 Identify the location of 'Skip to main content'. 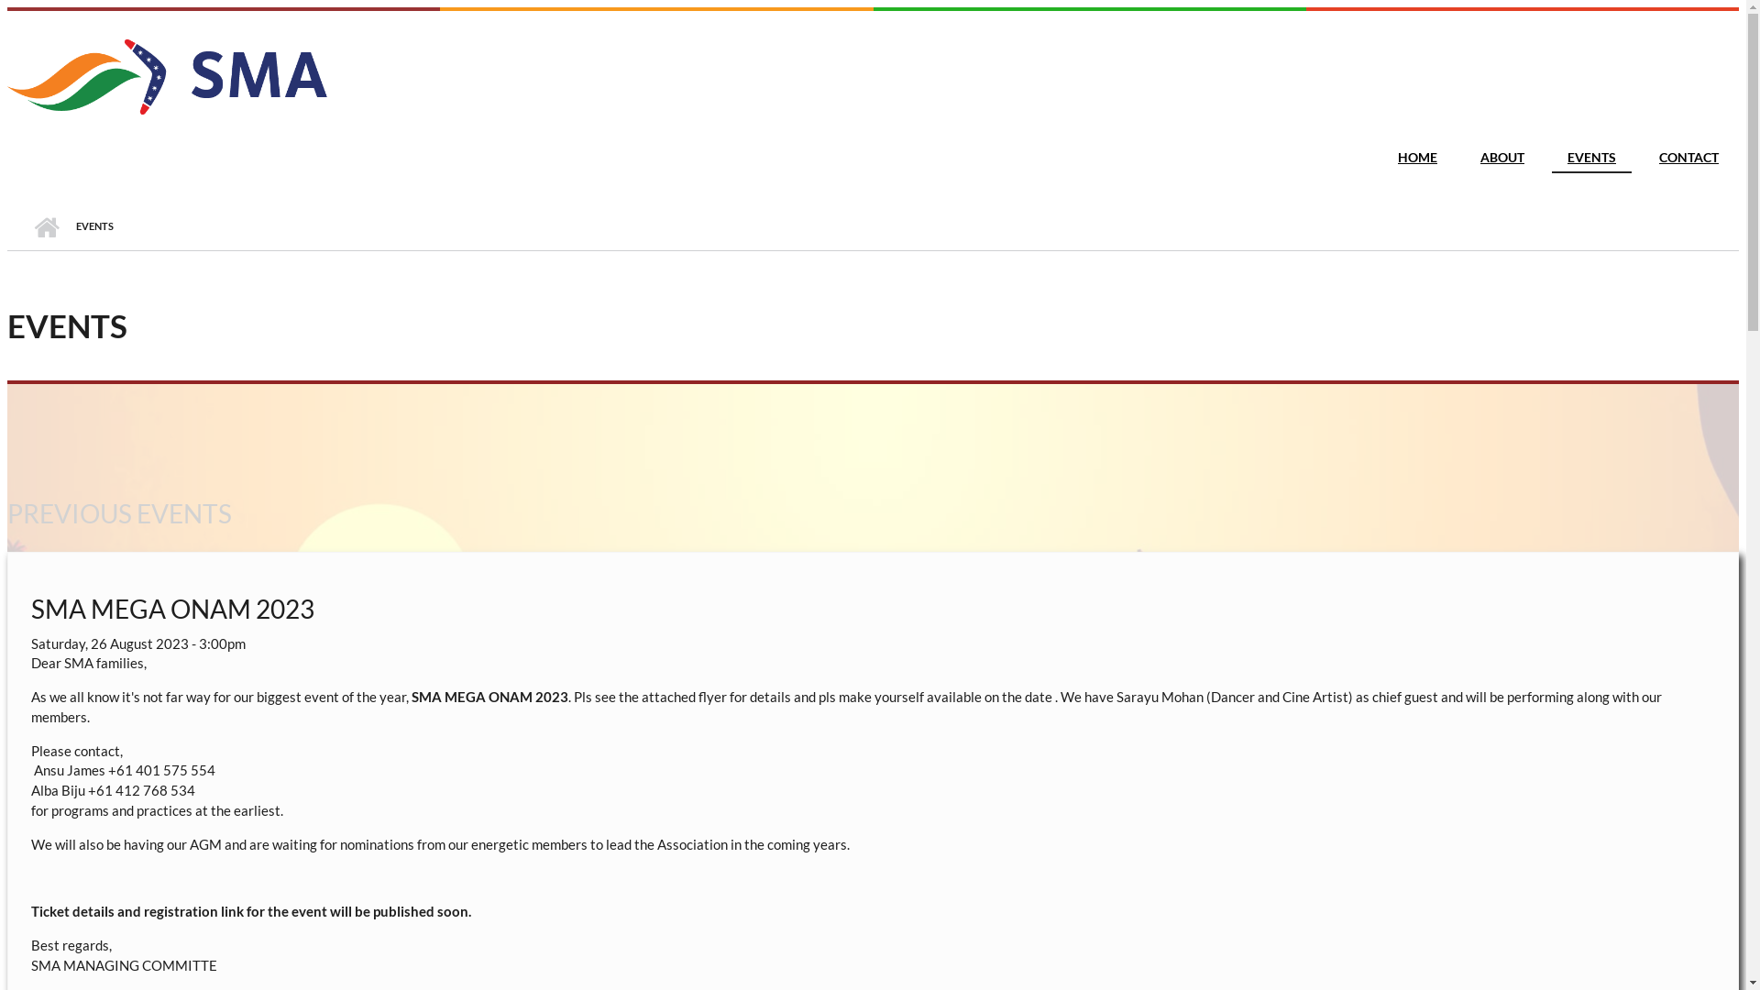
(69, 7).